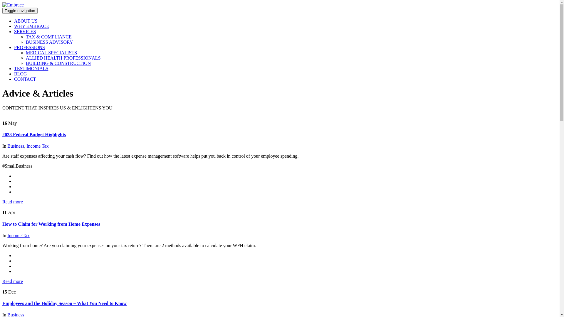 This screenshot has width=564, height=317. Describe the element at coordinates (25, 79) in the screenshot. I see `'CONTACT'` at that location.